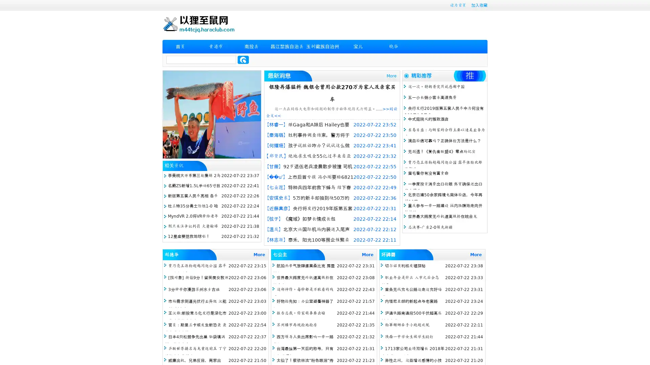 The width and height of the screenshot is (650, 365). What do you see at coordinates (243, 59) in the screenshot?
I see `Search` at bounding box center [243, 59].